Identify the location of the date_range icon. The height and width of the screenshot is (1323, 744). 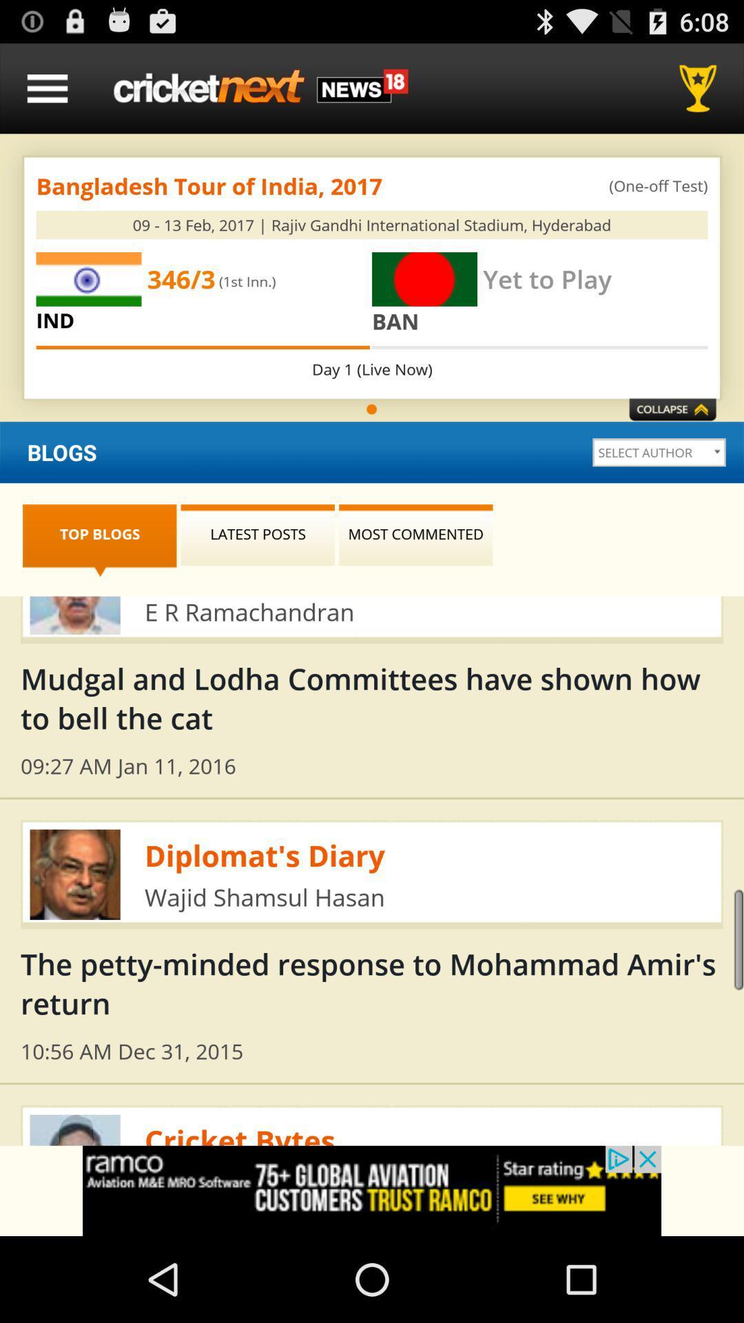
(260, 94).